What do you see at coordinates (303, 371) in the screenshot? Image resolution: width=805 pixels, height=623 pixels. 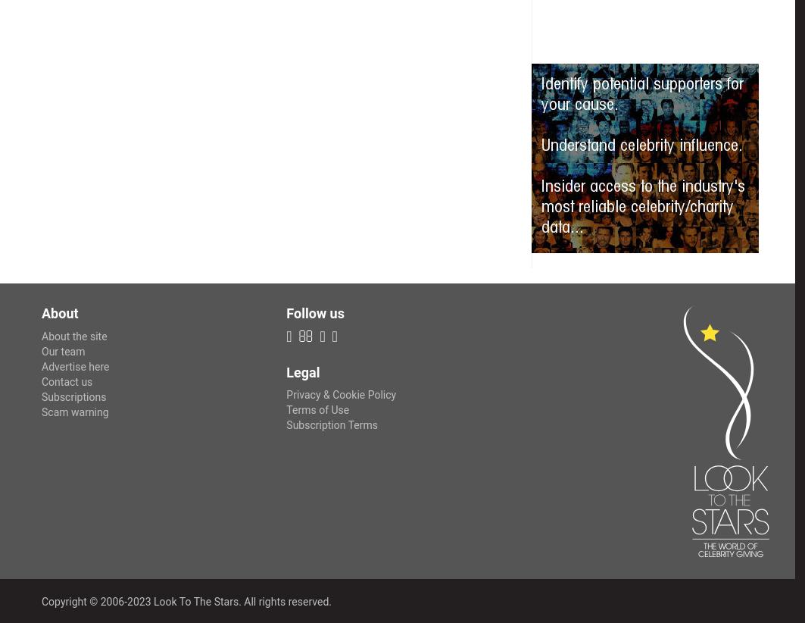 I see `'Legal'` at bounding box center [303, 371].